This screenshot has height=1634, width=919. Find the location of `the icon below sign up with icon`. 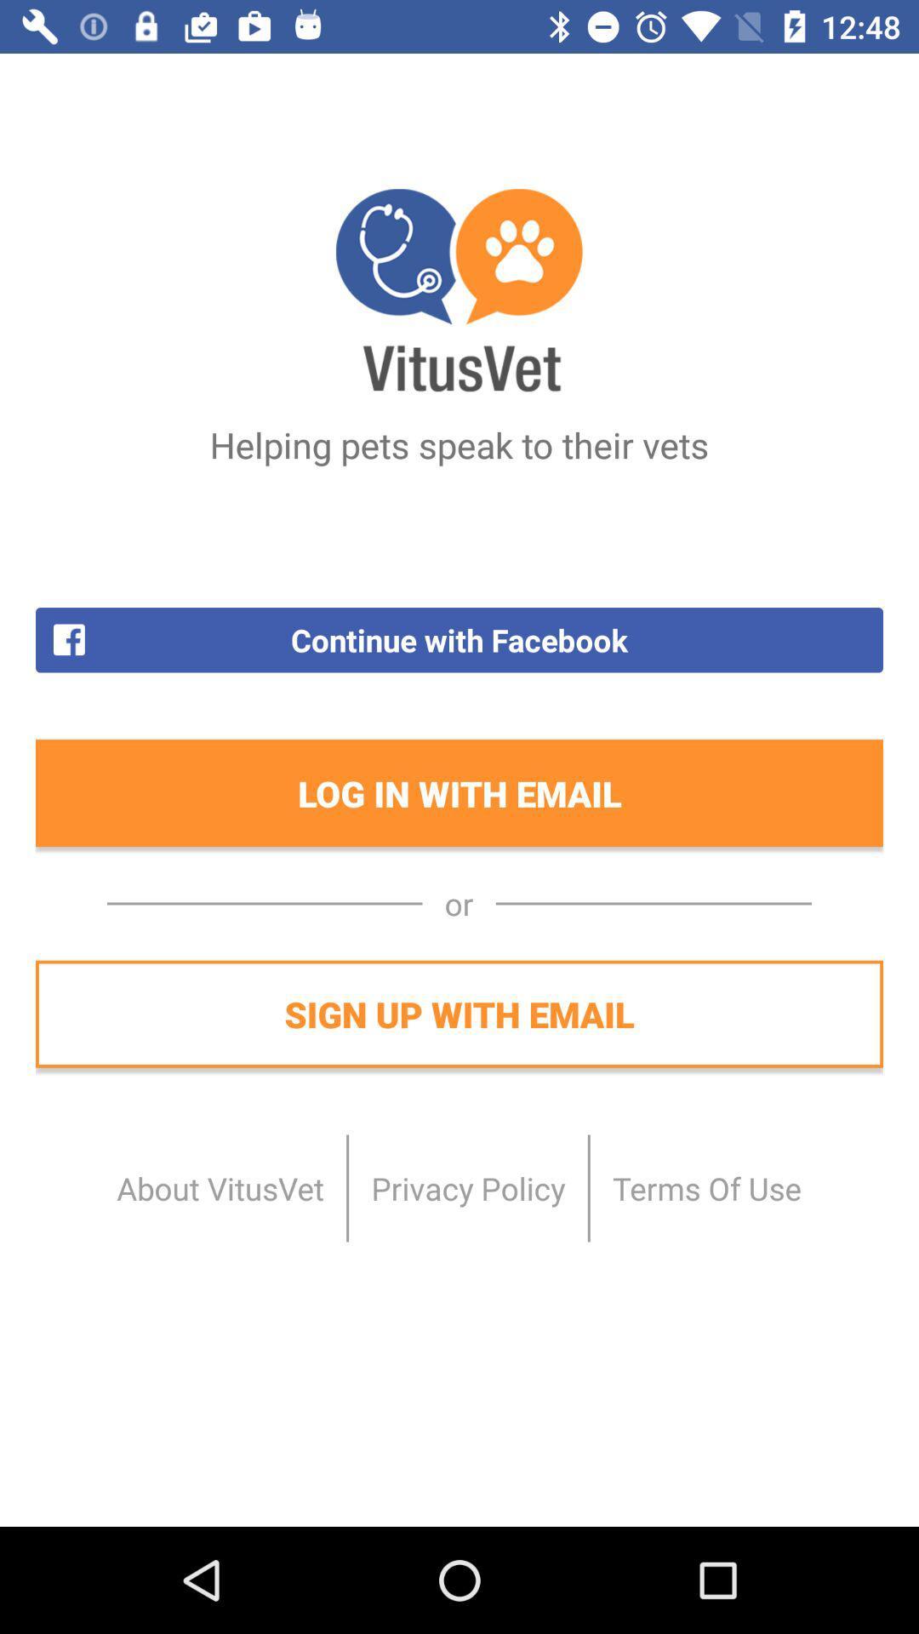

the icon below sign up with icon is located at coordinates (468, 1187).